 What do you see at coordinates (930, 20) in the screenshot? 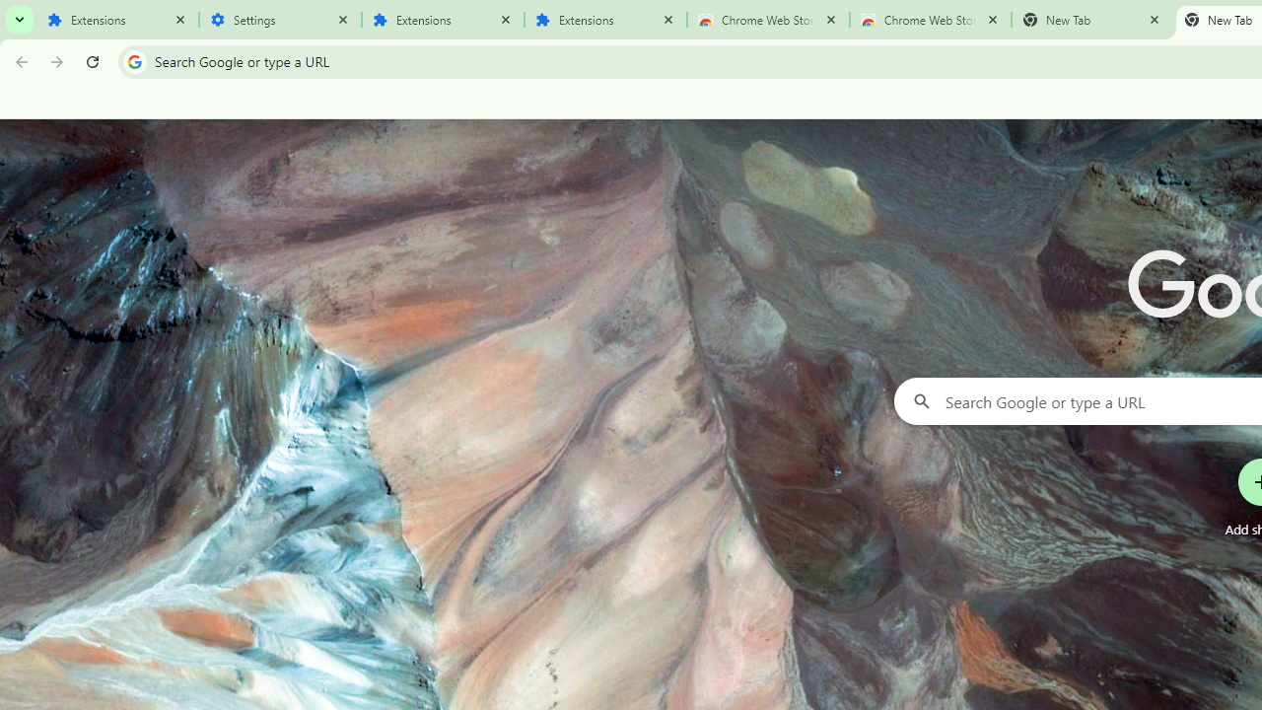
I see `'Chrome Web Store - Themes'` at bounding box center [930, 20].